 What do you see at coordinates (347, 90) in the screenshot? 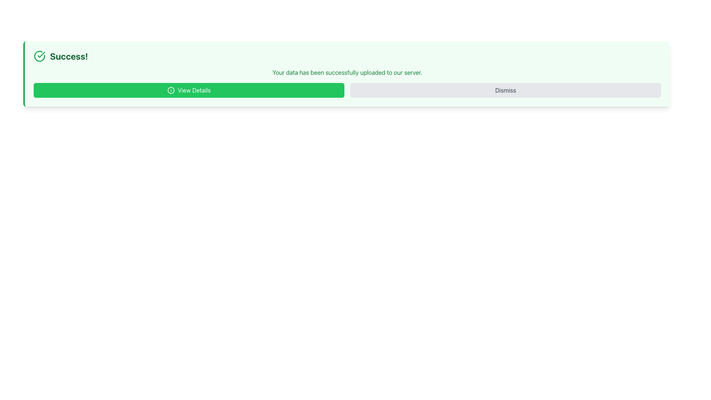
I see `the left section of the A button group labeled 'View Details' which is styled with a green background and located below the message 'Your data has been successfully uploaded to our server.'` at bounding box center [347, 90].